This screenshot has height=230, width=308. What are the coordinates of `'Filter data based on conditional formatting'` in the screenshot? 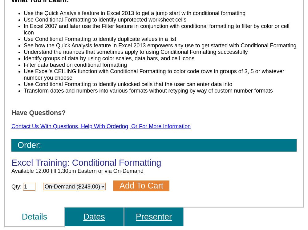 It's located at (23, 65).